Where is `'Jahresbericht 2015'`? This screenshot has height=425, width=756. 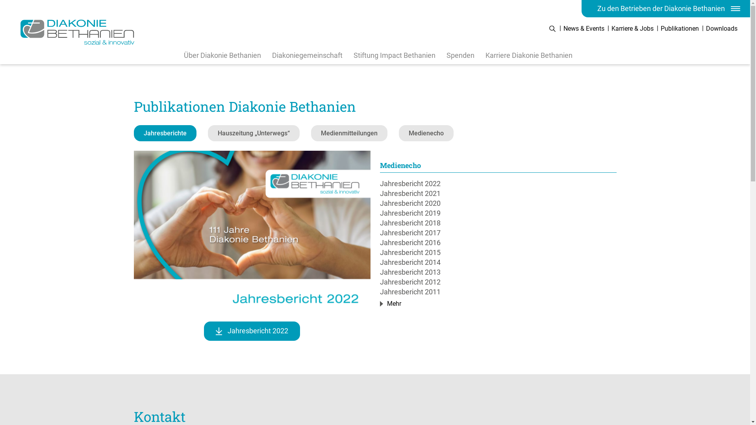
'Jahresbericht 2015' is located at coordinates (497, 252).